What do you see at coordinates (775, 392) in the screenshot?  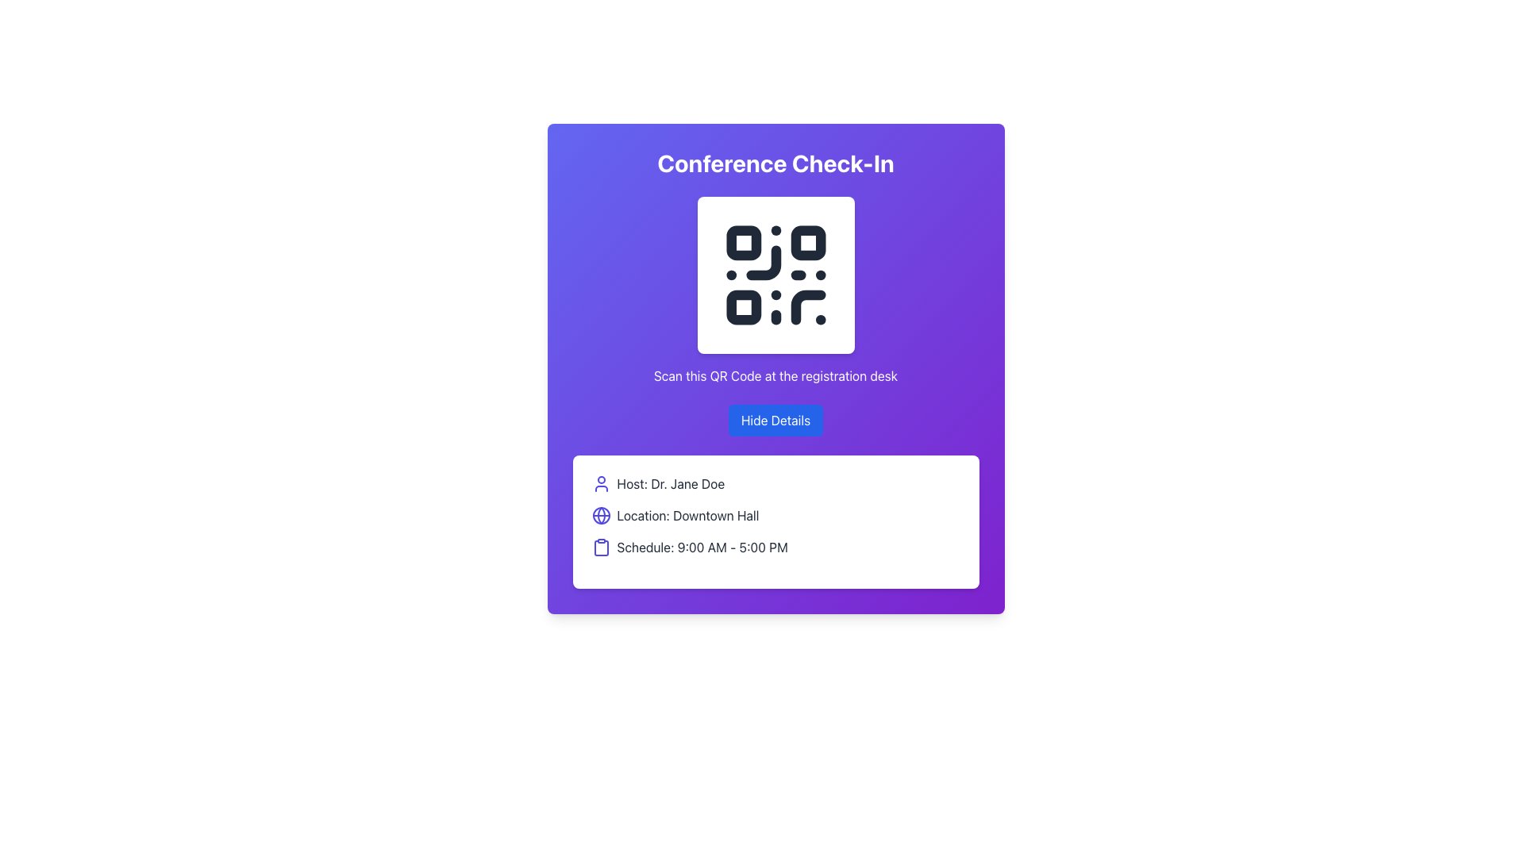 I see `the 'Hide Details' button located in the middle segment of the 'Conference Check-In' card section, which contains a QR code` at bounding box center [775, 392].